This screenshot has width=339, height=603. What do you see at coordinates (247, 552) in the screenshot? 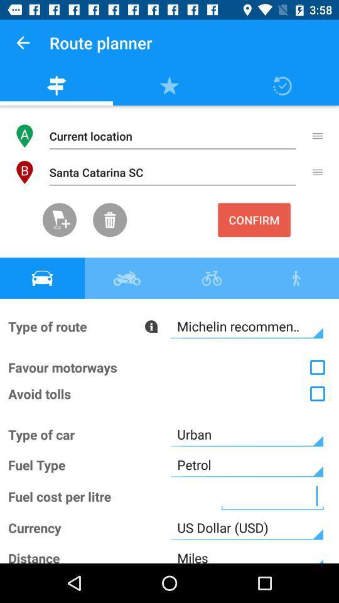
I see `the text field next to distance` at bounding box center [247, 552].